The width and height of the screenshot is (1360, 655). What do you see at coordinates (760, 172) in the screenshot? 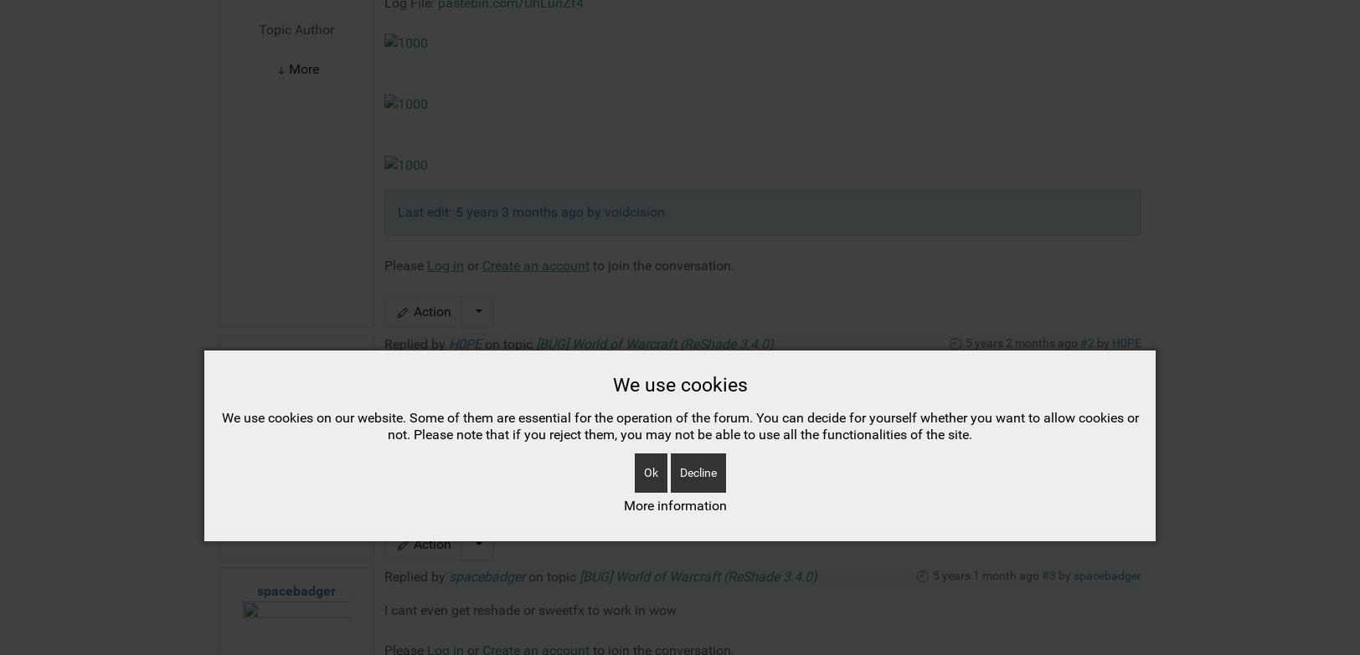
I see `'One thing also I suspect... I dont have dx12 option in advanced menu in wow. Could this be because of reshade? Blizzard support said I should check my layout apps that modify games, these can cause graphical issues. Every other app turned off not to mod. games, except reshade.'` at bounding box center [760, 172].